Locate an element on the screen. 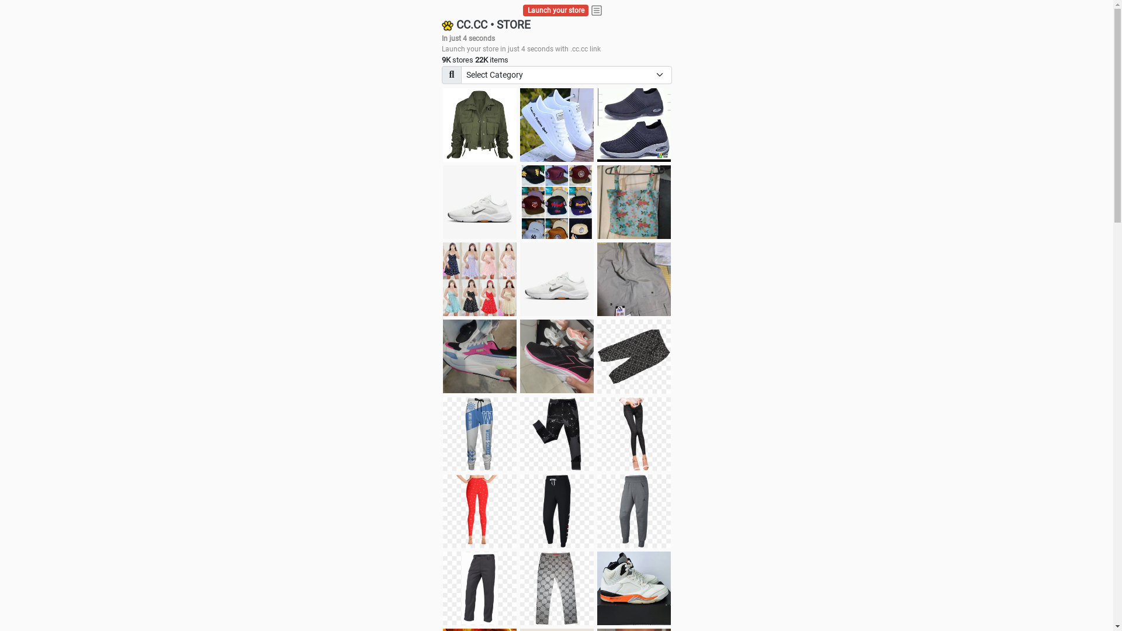  'Pant' is located at coordinates (633, 511).